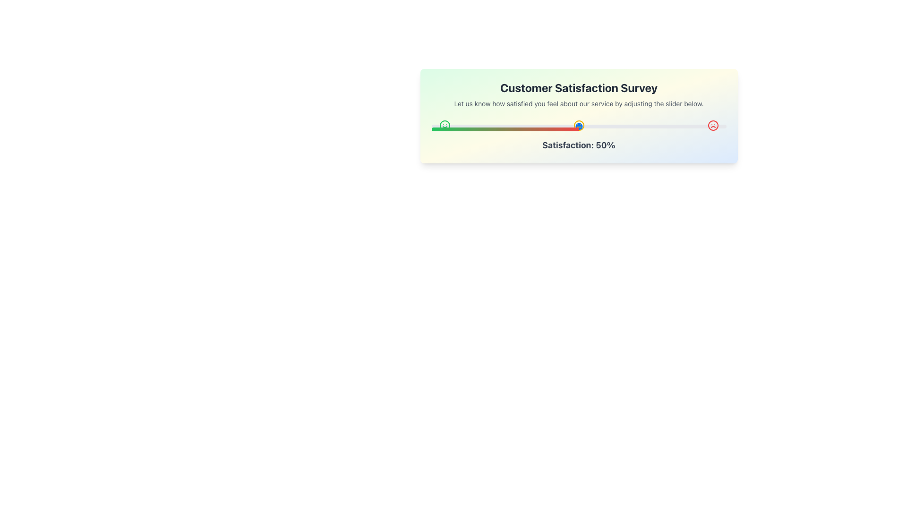  I want to click on satisfaction level, so click(481, 126).